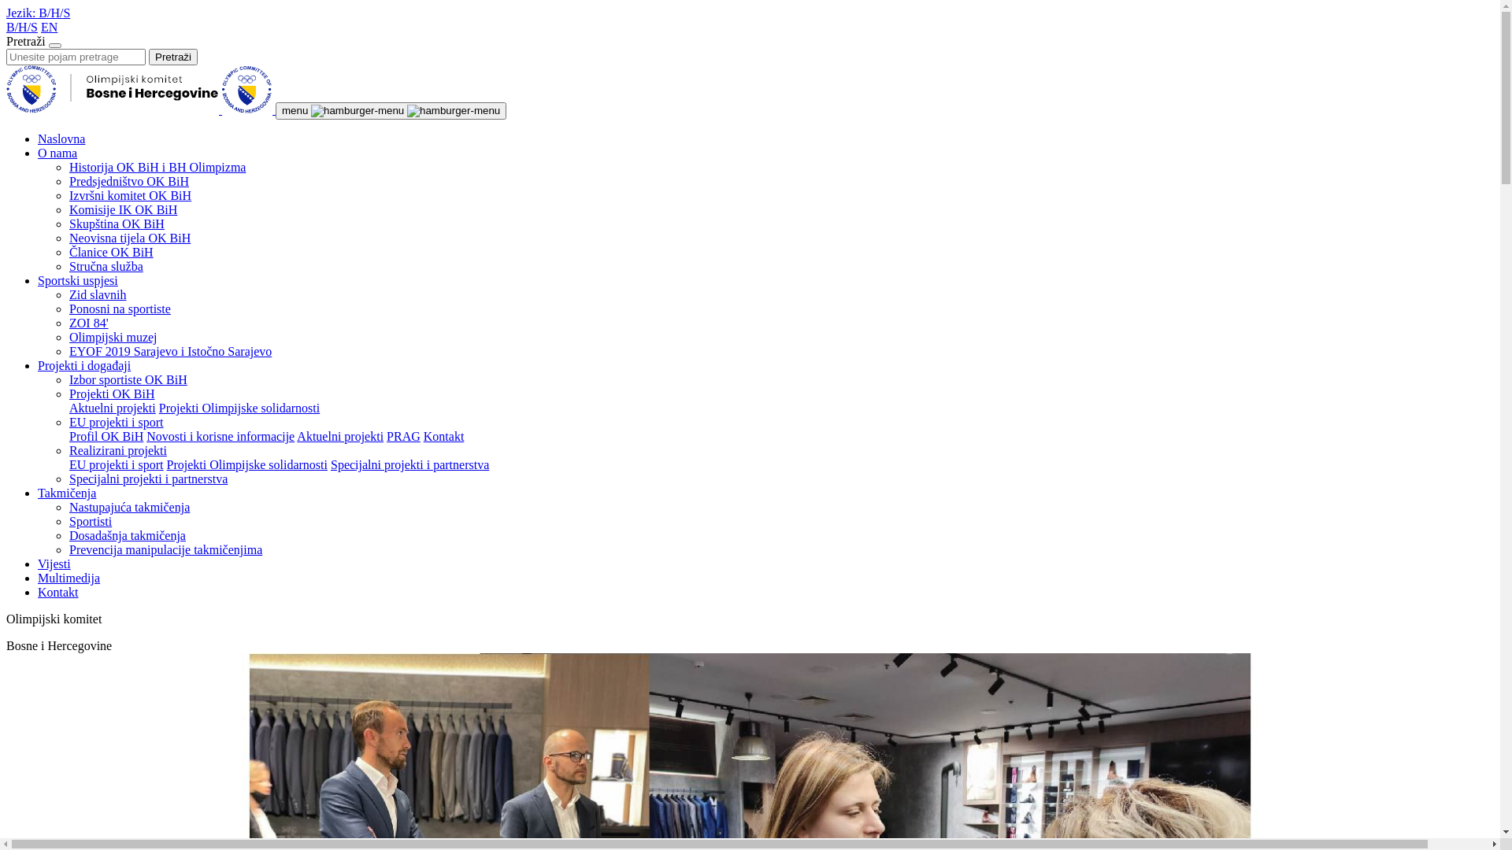 Image resolution: width=1512 pixels, height=850 pixels. Describe the element at coordinates (129, 238) in the screenshot. I see `'Neovisna tijela OK BiH'` at that location.